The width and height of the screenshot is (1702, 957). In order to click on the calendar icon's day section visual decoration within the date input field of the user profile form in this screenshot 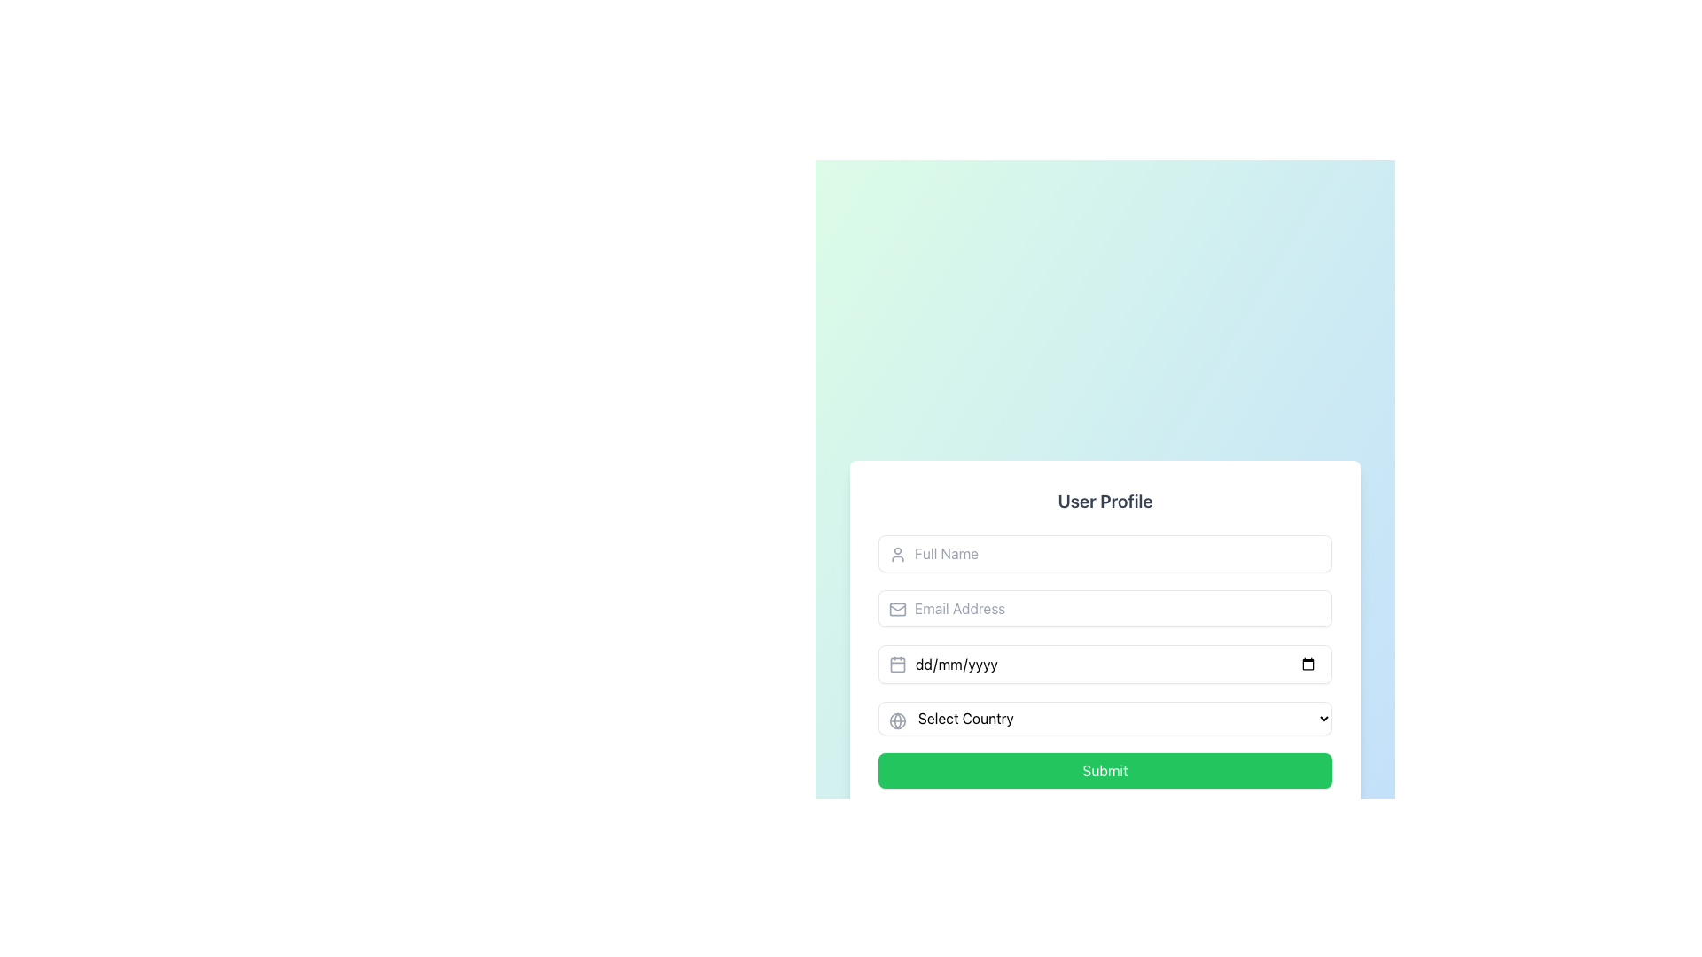, I will do `click(897, 664)`.